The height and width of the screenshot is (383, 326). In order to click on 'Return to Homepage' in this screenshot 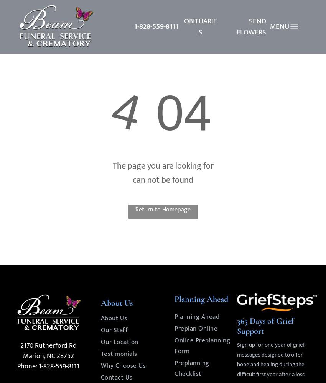, I will do `click(163, 210)`.